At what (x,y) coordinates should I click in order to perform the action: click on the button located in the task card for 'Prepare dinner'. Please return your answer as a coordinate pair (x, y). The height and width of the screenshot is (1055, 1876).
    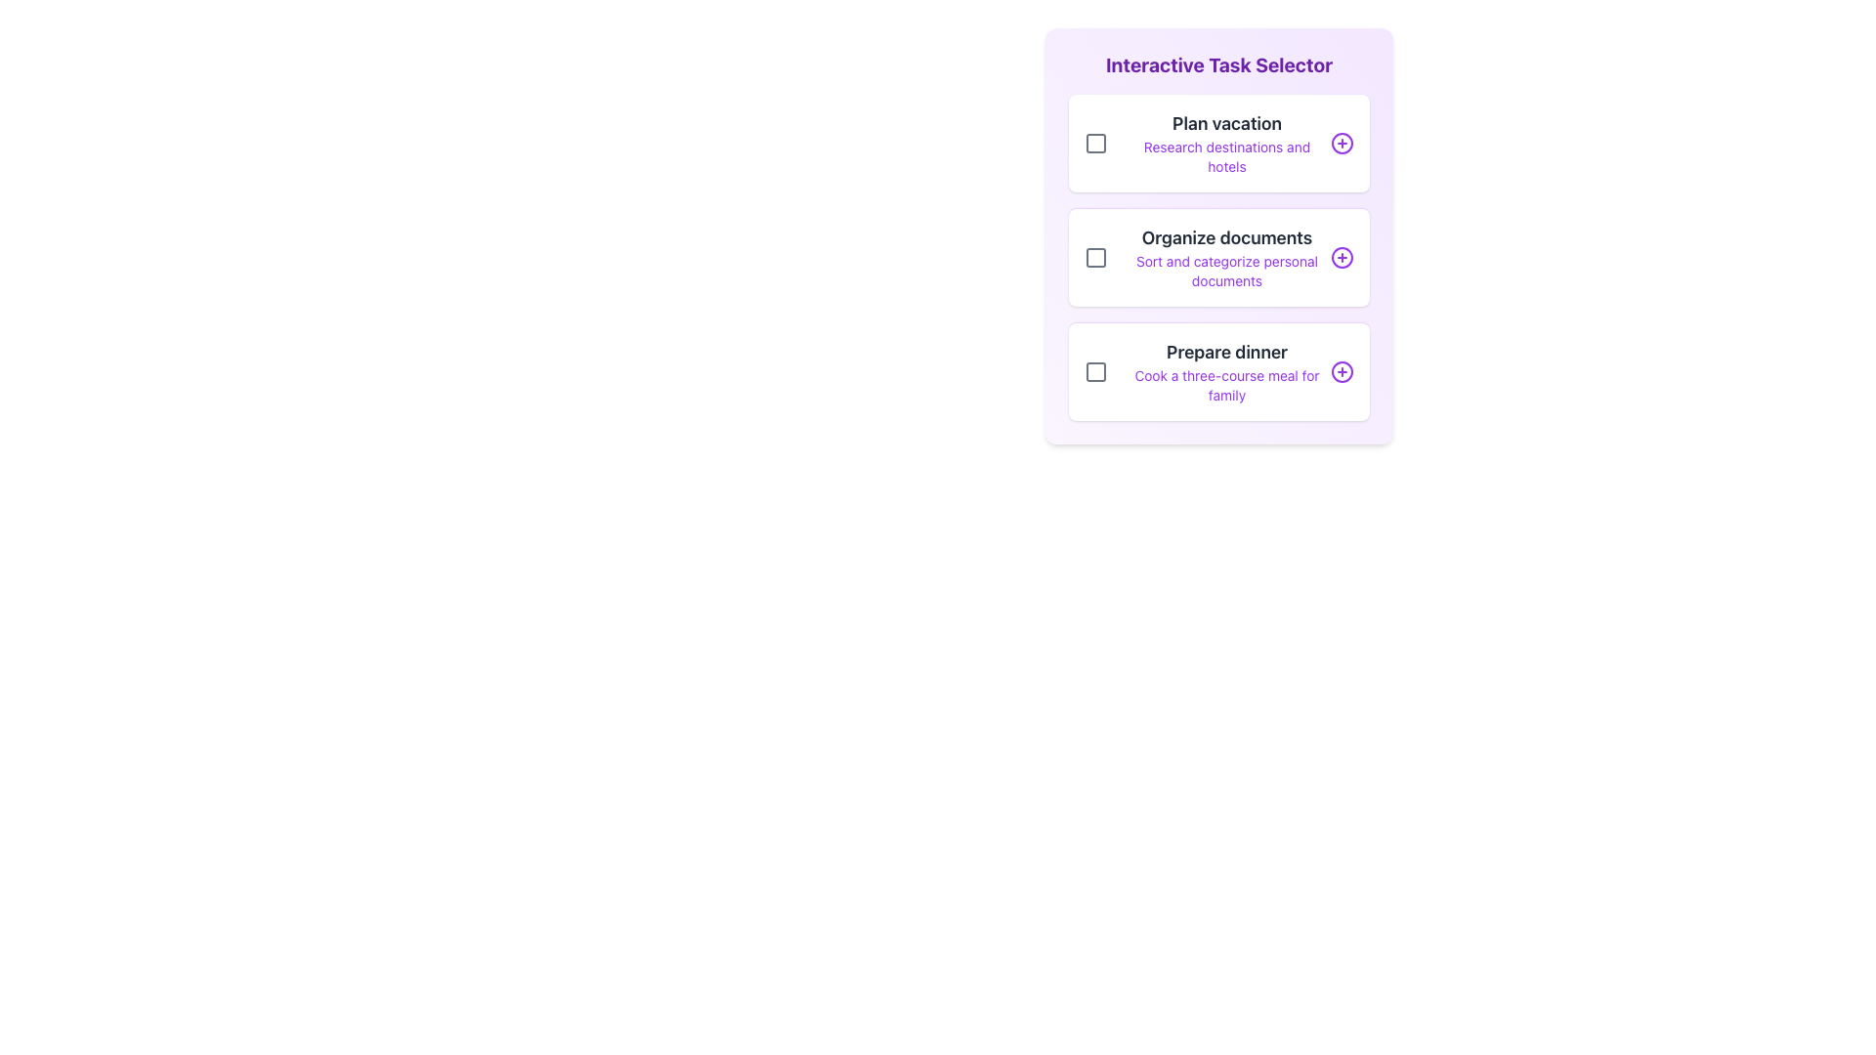
    Looking at the image, I should click on (1341, 372).